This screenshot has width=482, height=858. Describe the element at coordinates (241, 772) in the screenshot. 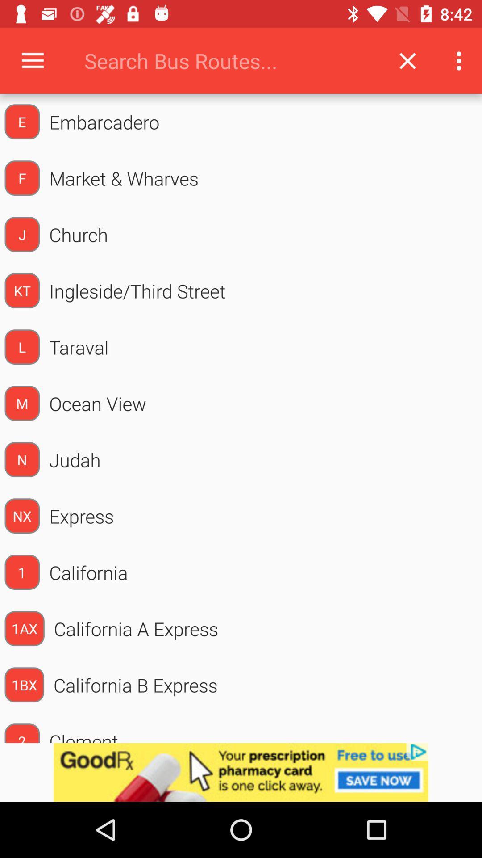

I see `advertisement` at that location.